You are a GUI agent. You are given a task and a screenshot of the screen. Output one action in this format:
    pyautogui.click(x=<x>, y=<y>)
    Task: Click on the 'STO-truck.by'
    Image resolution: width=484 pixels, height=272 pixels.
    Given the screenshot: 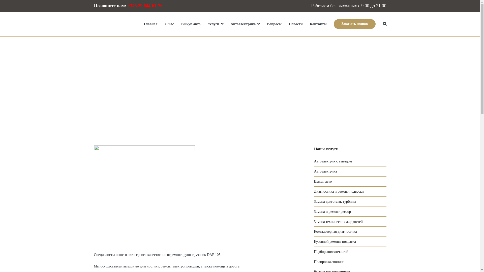 What is the action you would take?
    pyautogui.click(x=112, y=27)
    